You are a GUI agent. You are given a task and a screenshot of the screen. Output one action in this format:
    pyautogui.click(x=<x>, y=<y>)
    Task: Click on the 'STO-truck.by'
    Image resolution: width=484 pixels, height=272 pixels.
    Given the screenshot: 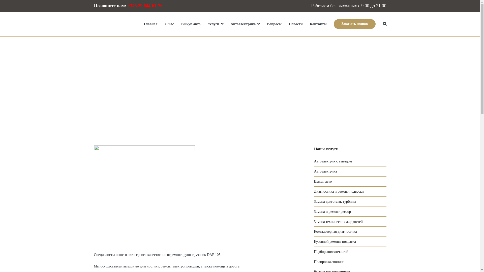 What is the action you would take?
    pyautogui.click(x=112, y=27)
    